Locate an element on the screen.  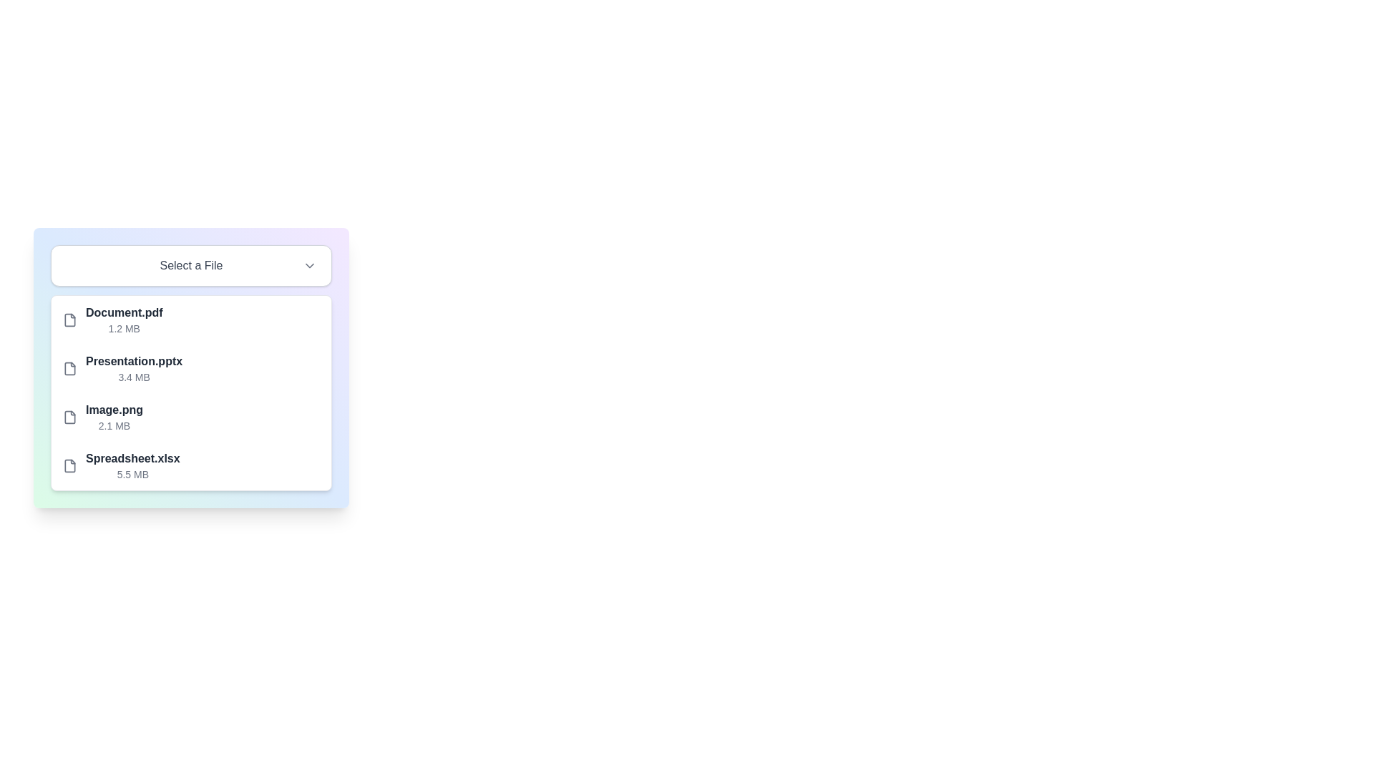
the text label displaying the filename 'Spreadsheet.xlsx' in the file selection interface is located at coordinates (132, 458).